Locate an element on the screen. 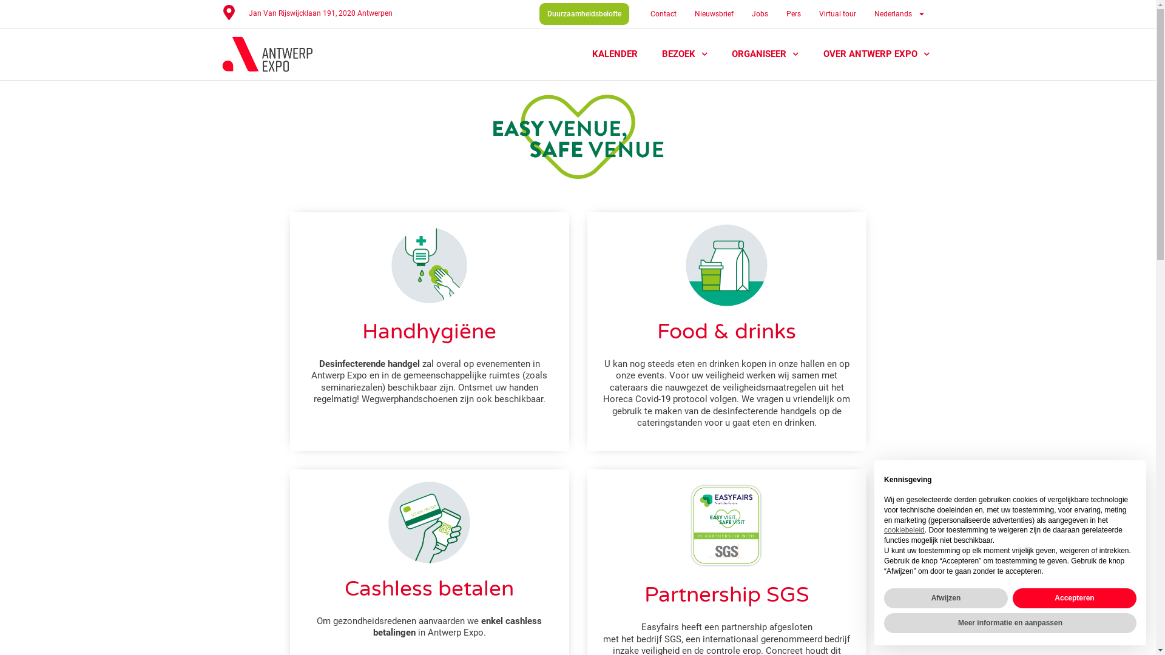  'Duurzaamheidsbelofte' is located at coordinates (584, 14).